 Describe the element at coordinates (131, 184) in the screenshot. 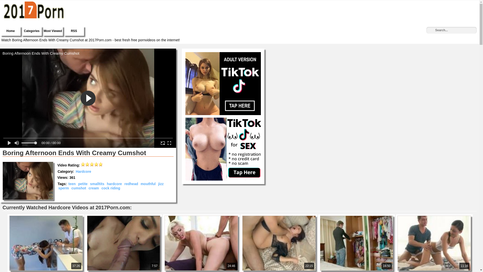

I see `'redhead'` at that location.